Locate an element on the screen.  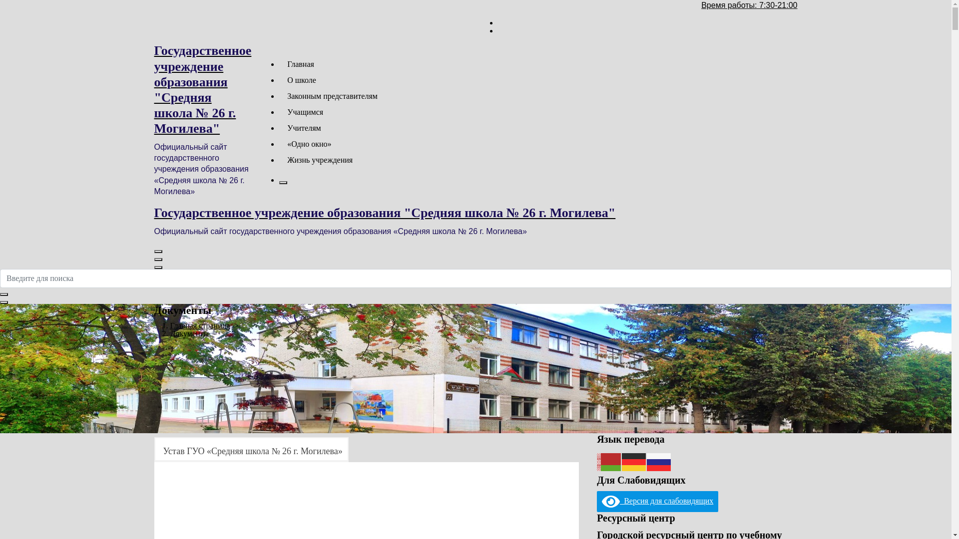
'German' is located at coordinates (634, 461).